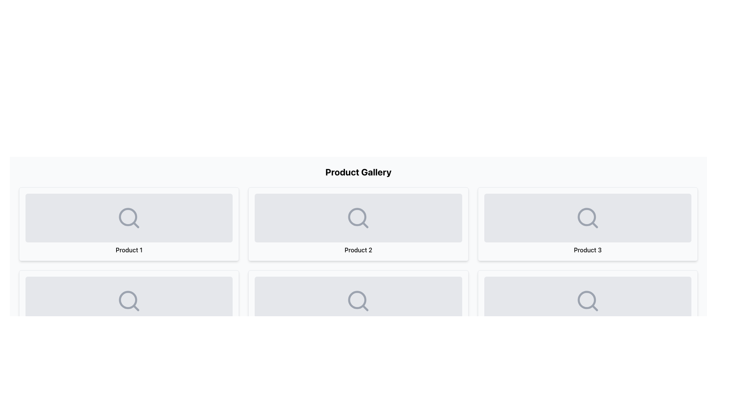  I want to click on diagonal line that forms the handle of the magnifying glass icon located inside the second grid item's image in the second row of the product gallery section, so click(365, 225).